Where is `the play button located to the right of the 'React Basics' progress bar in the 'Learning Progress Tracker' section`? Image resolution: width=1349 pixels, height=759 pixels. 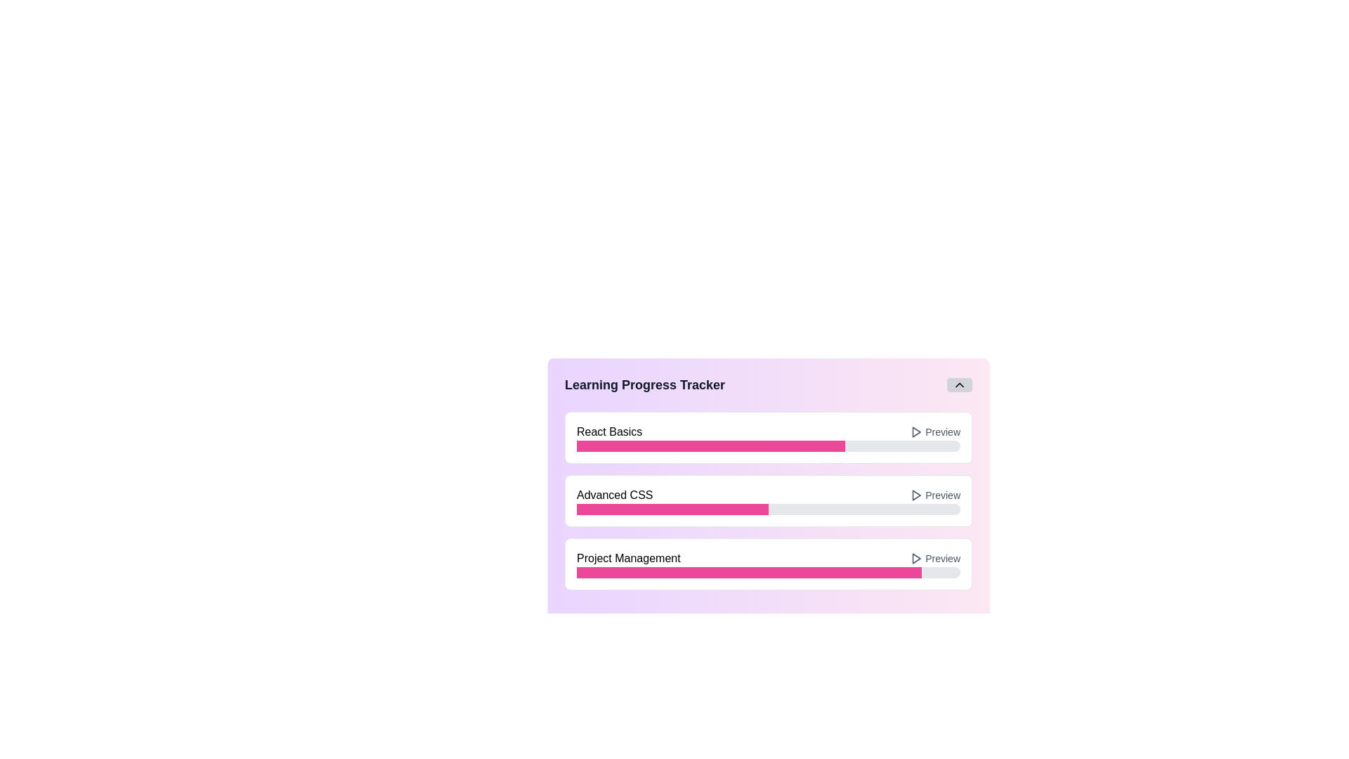
the play button located to the right of the 'React Basics' progress bar in the 'Learning Progress Tracker' section is located at coordinates (916, 431).